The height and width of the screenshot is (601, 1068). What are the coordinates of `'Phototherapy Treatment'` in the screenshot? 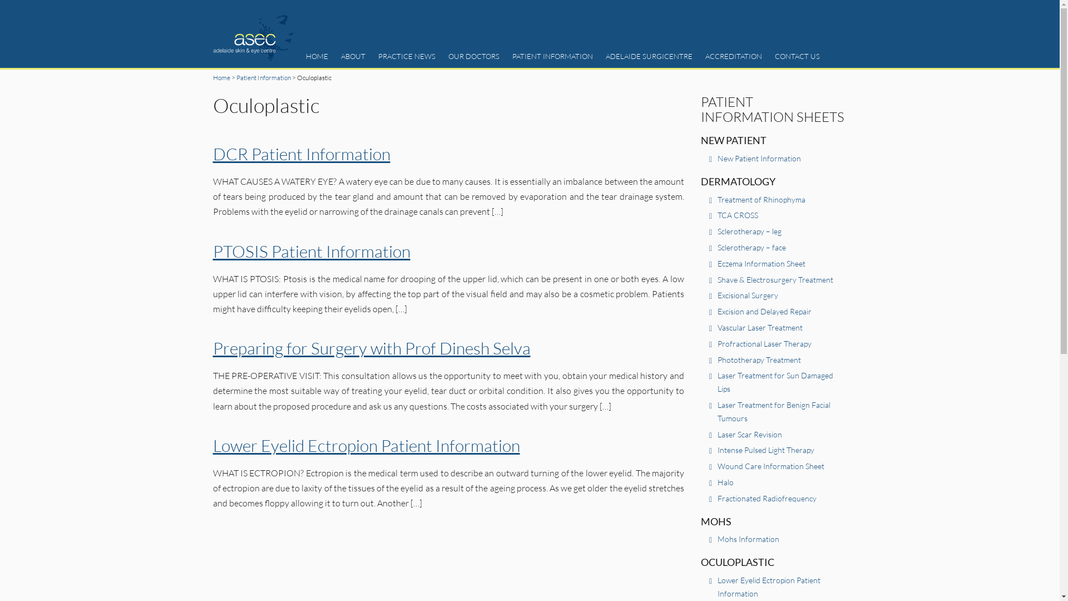 It's located at (758, 359).